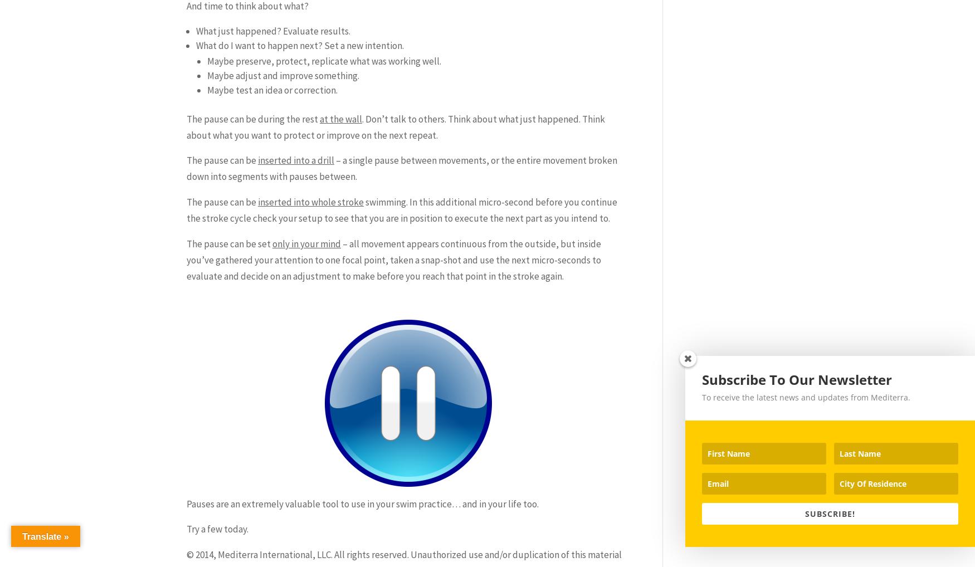 Image resolution: width=975 pixels, height=567 pixels. What do you see at coordinates (22, 536) in the screenshot?
I see `'Translate »'` at bounding box center [22, 536].